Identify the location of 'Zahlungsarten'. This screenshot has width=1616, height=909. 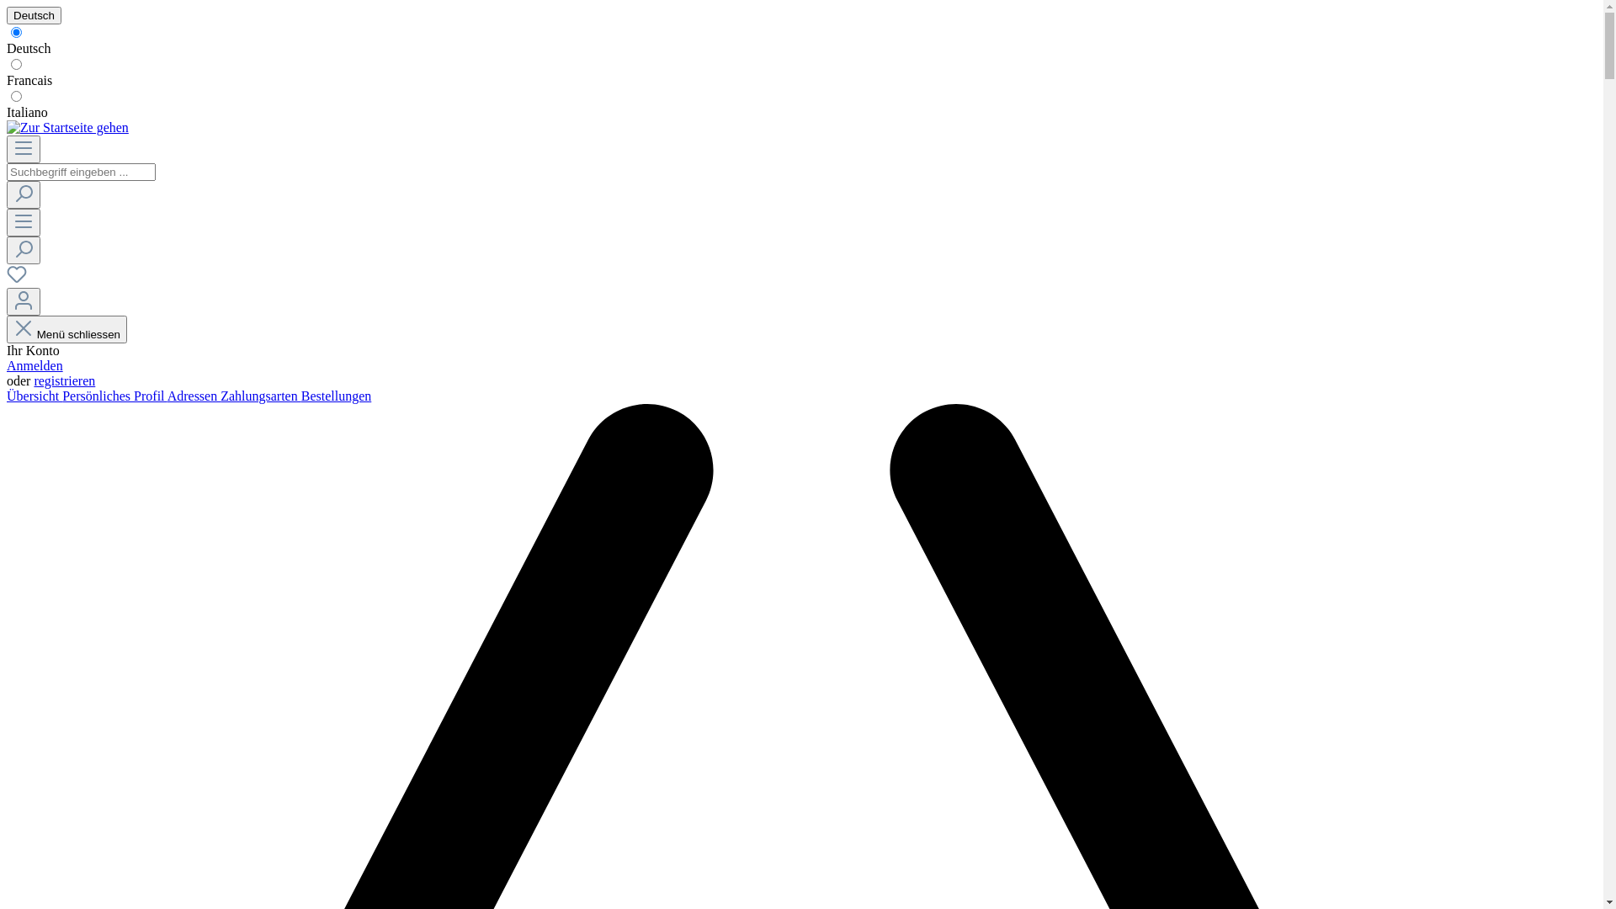
(260, 396).